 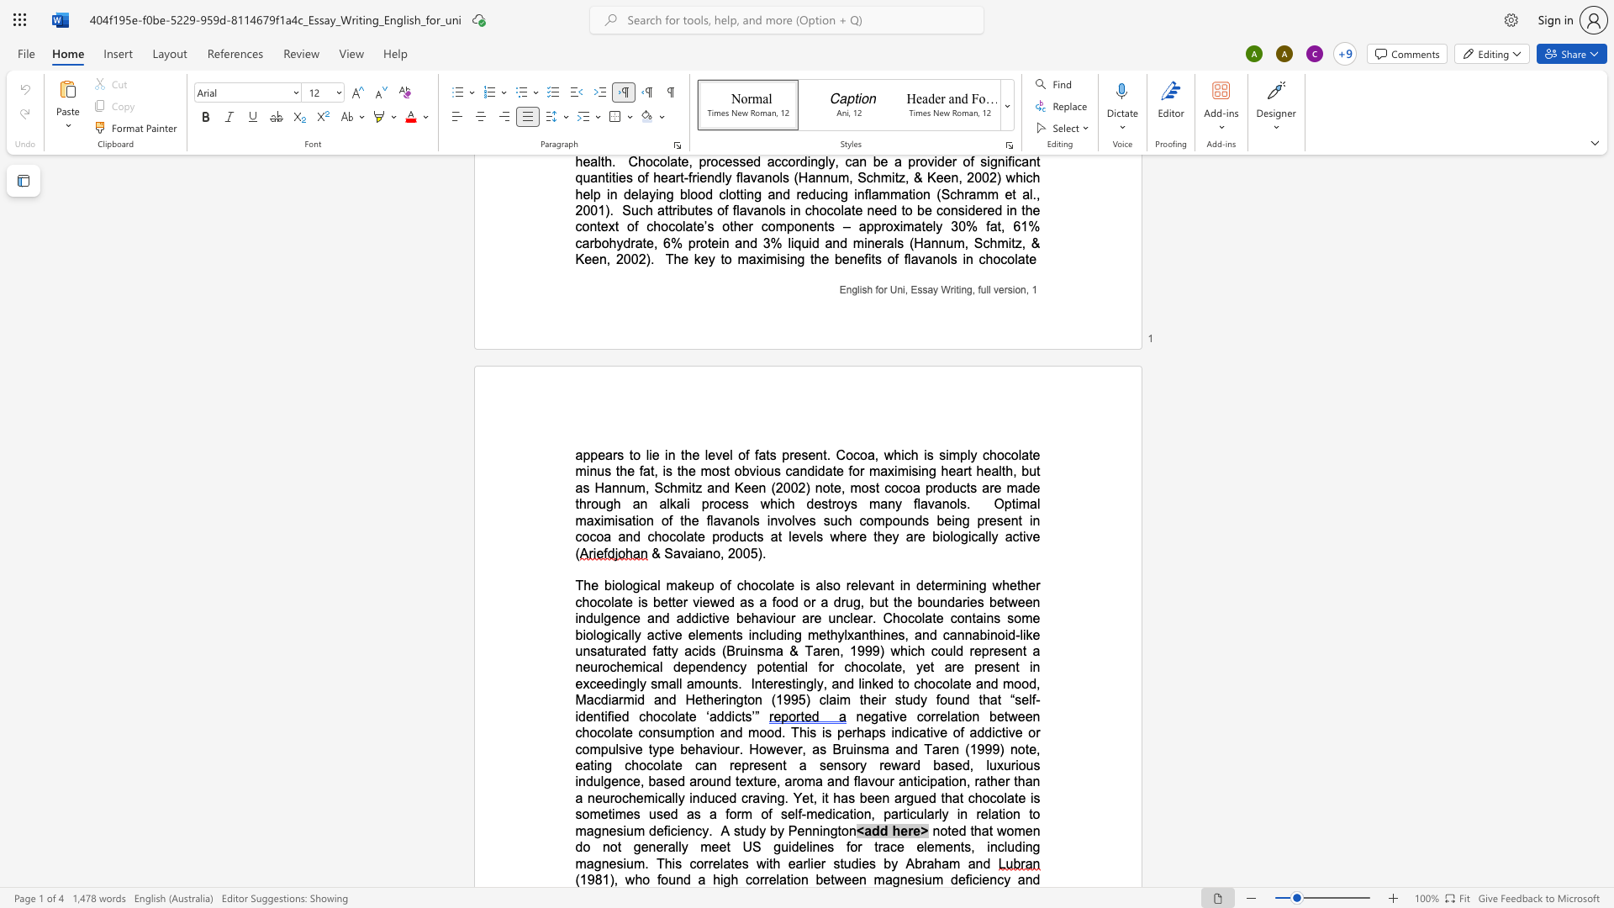 I want to click on the space between the continuous character "a" and "n" in the text, so click(x=705, y=553).